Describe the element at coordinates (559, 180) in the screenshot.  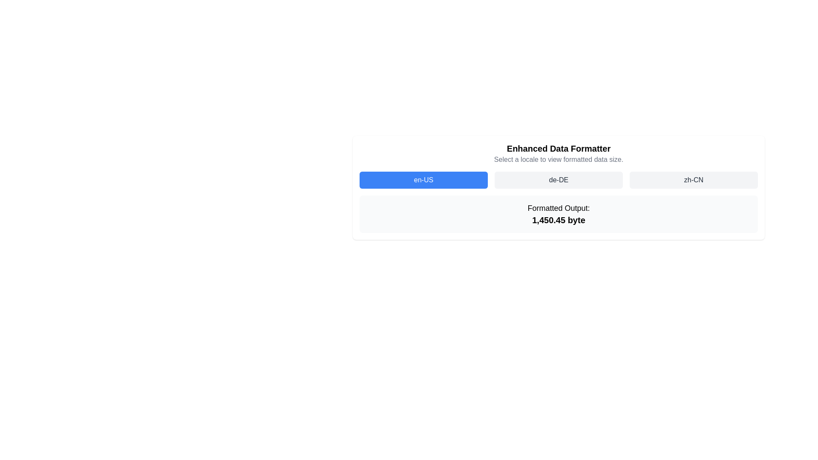
I see `the middle button` at that location.